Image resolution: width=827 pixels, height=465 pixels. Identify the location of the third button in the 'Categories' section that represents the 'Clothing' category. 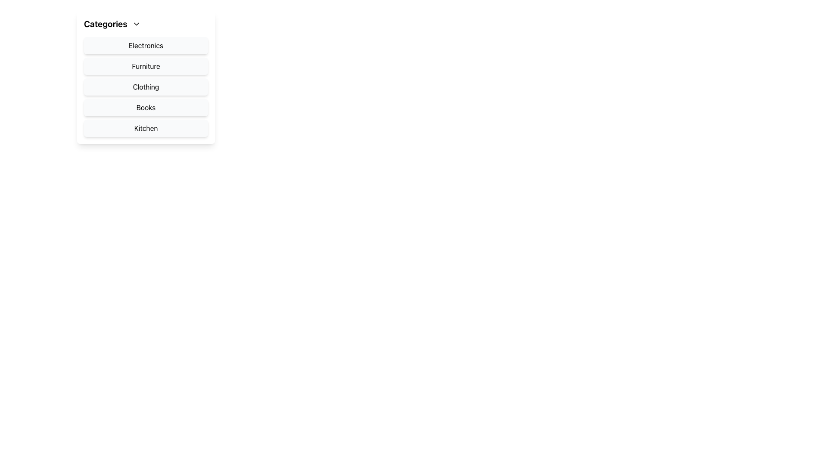
(146, 87).